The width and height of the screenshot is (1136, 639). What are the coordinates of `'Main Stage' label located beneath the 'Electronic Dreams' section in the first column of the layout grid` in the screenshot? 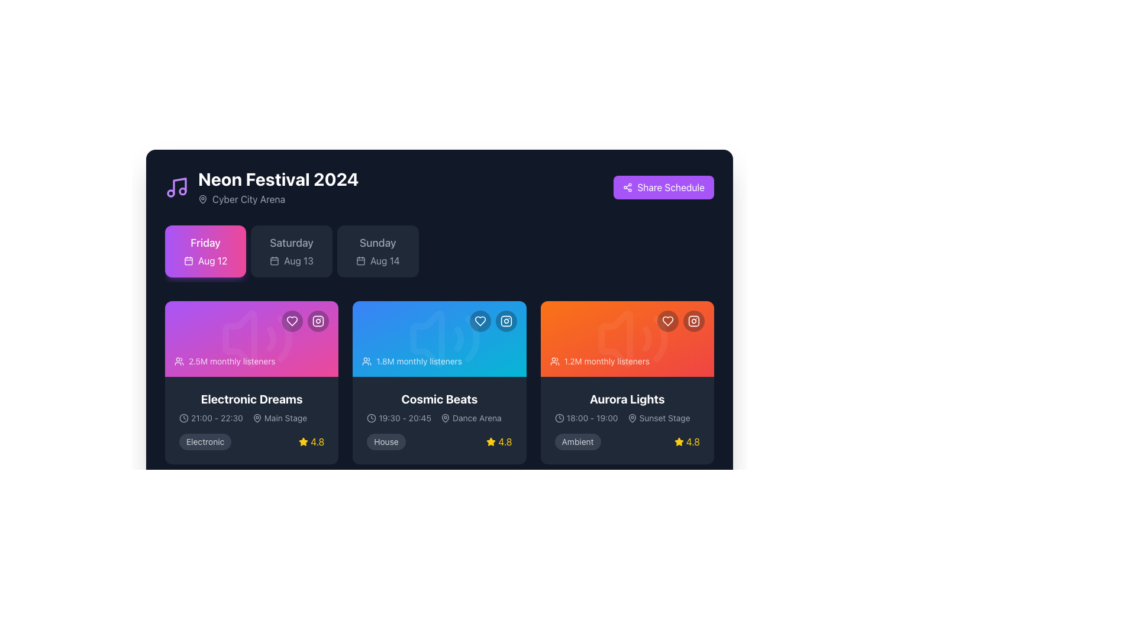 It's located at (286, 417).